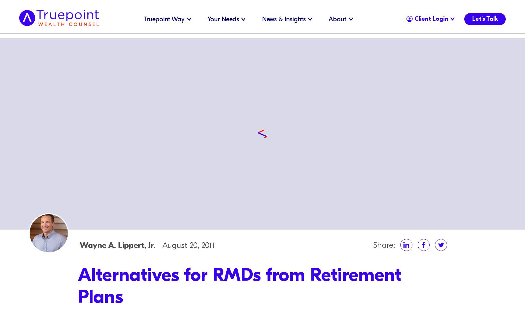 Image resolution: width=525 pixels, height=314 pixels. I want to click on 'In the News', so click(264, 26).